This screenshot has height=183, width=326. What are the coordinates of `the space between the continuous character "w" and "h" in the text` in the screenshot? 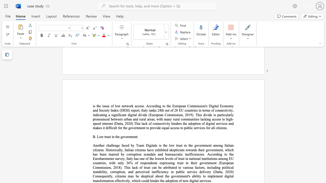 It's located at (227, 150).